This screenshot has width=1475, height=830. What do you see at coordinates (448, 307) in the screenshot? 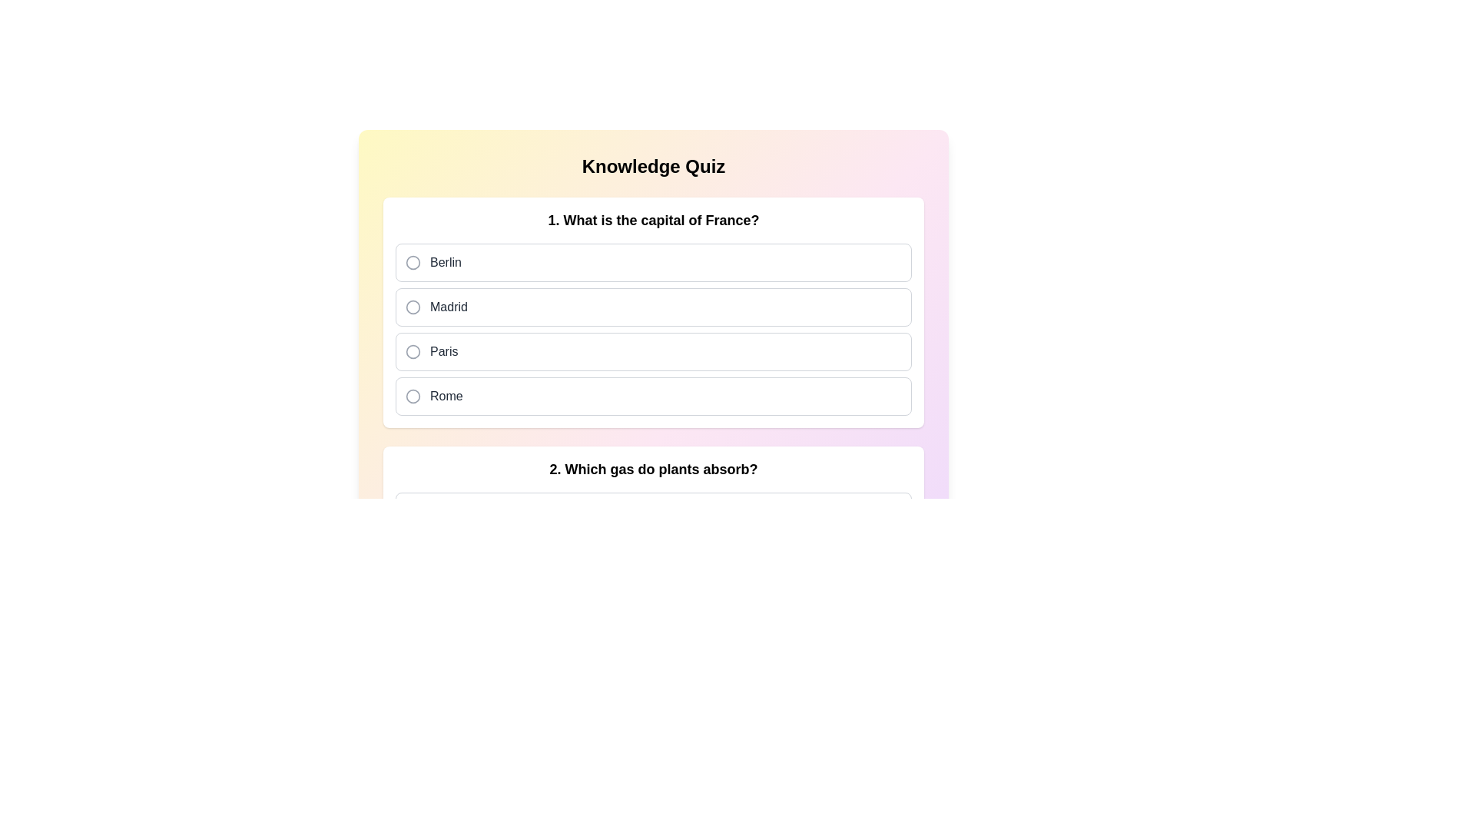
I see `the text label 'Madrid' which is part of the second option in the quiz answer list, displayed in bold, gray font` at bounding box center [448, 307].